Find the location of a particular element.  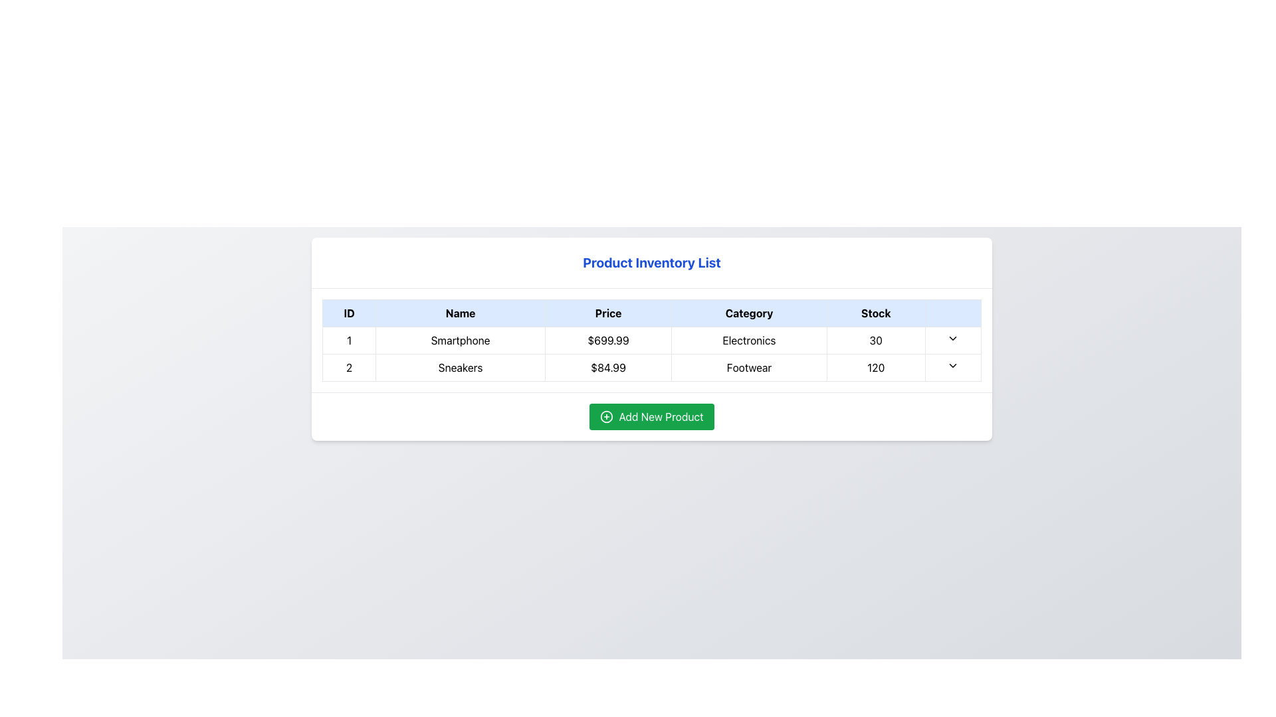

text displayed in the 'Smartphone' text label located in the middle of the first row under the 'Name' column header is located at coordinates (461, 340).